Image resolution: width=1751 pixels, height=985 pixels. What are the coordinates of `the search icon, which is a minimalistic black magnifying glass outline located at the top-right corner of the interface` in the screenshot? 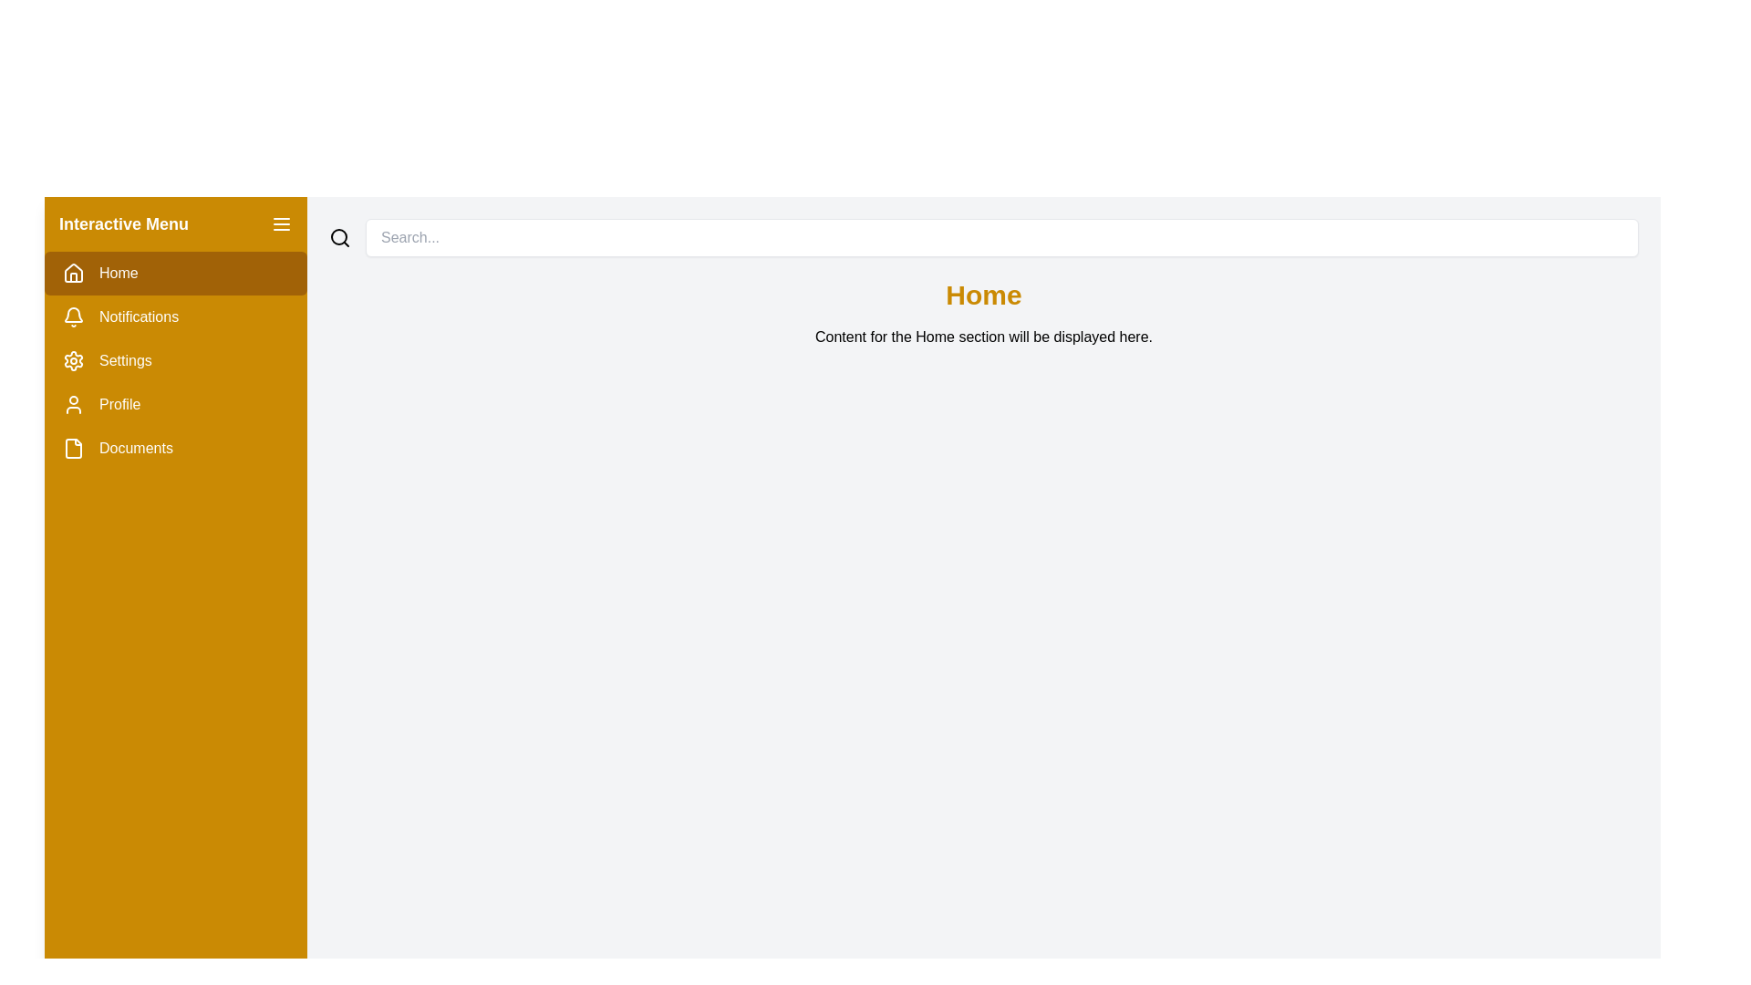 It's located at (340, 237).